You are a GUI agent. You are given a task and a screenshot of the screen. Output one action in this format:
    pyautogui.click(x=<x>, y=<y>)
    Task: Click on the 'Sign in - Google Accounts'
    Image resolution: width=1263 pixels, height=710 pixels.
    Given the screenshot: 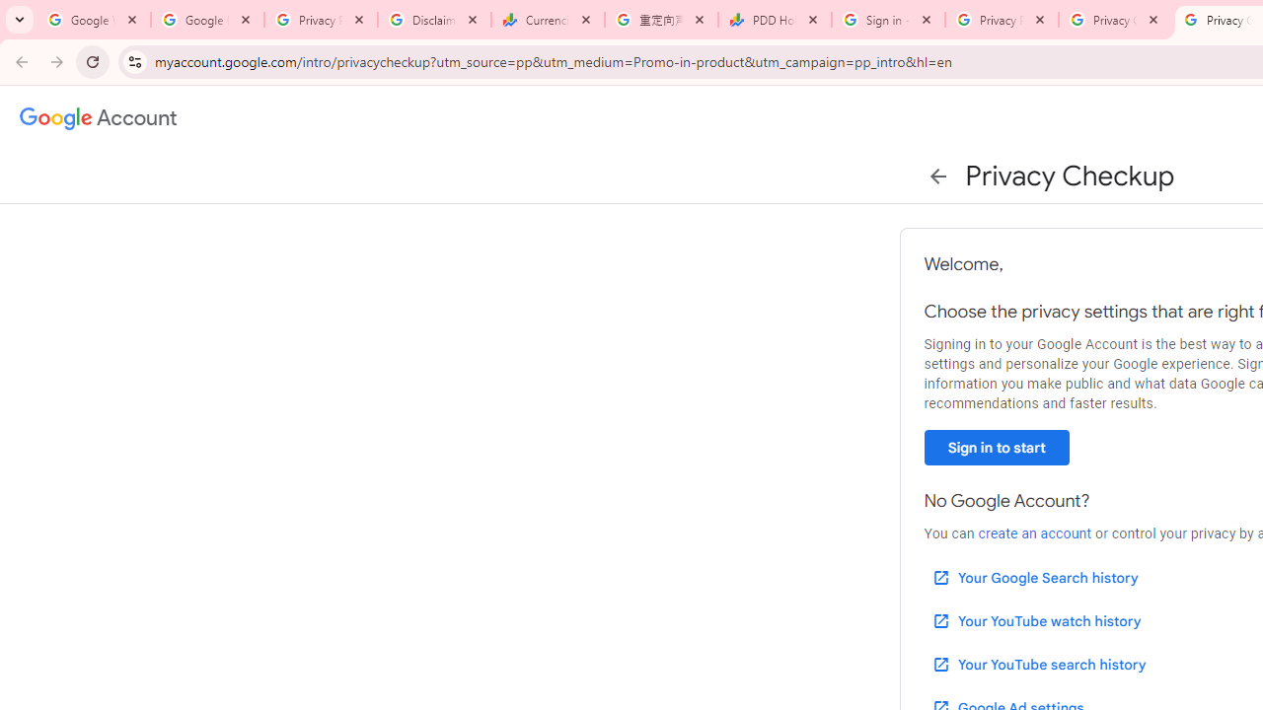 What is the action you would take?
    pyautogui.click(x=887, y=20)
    